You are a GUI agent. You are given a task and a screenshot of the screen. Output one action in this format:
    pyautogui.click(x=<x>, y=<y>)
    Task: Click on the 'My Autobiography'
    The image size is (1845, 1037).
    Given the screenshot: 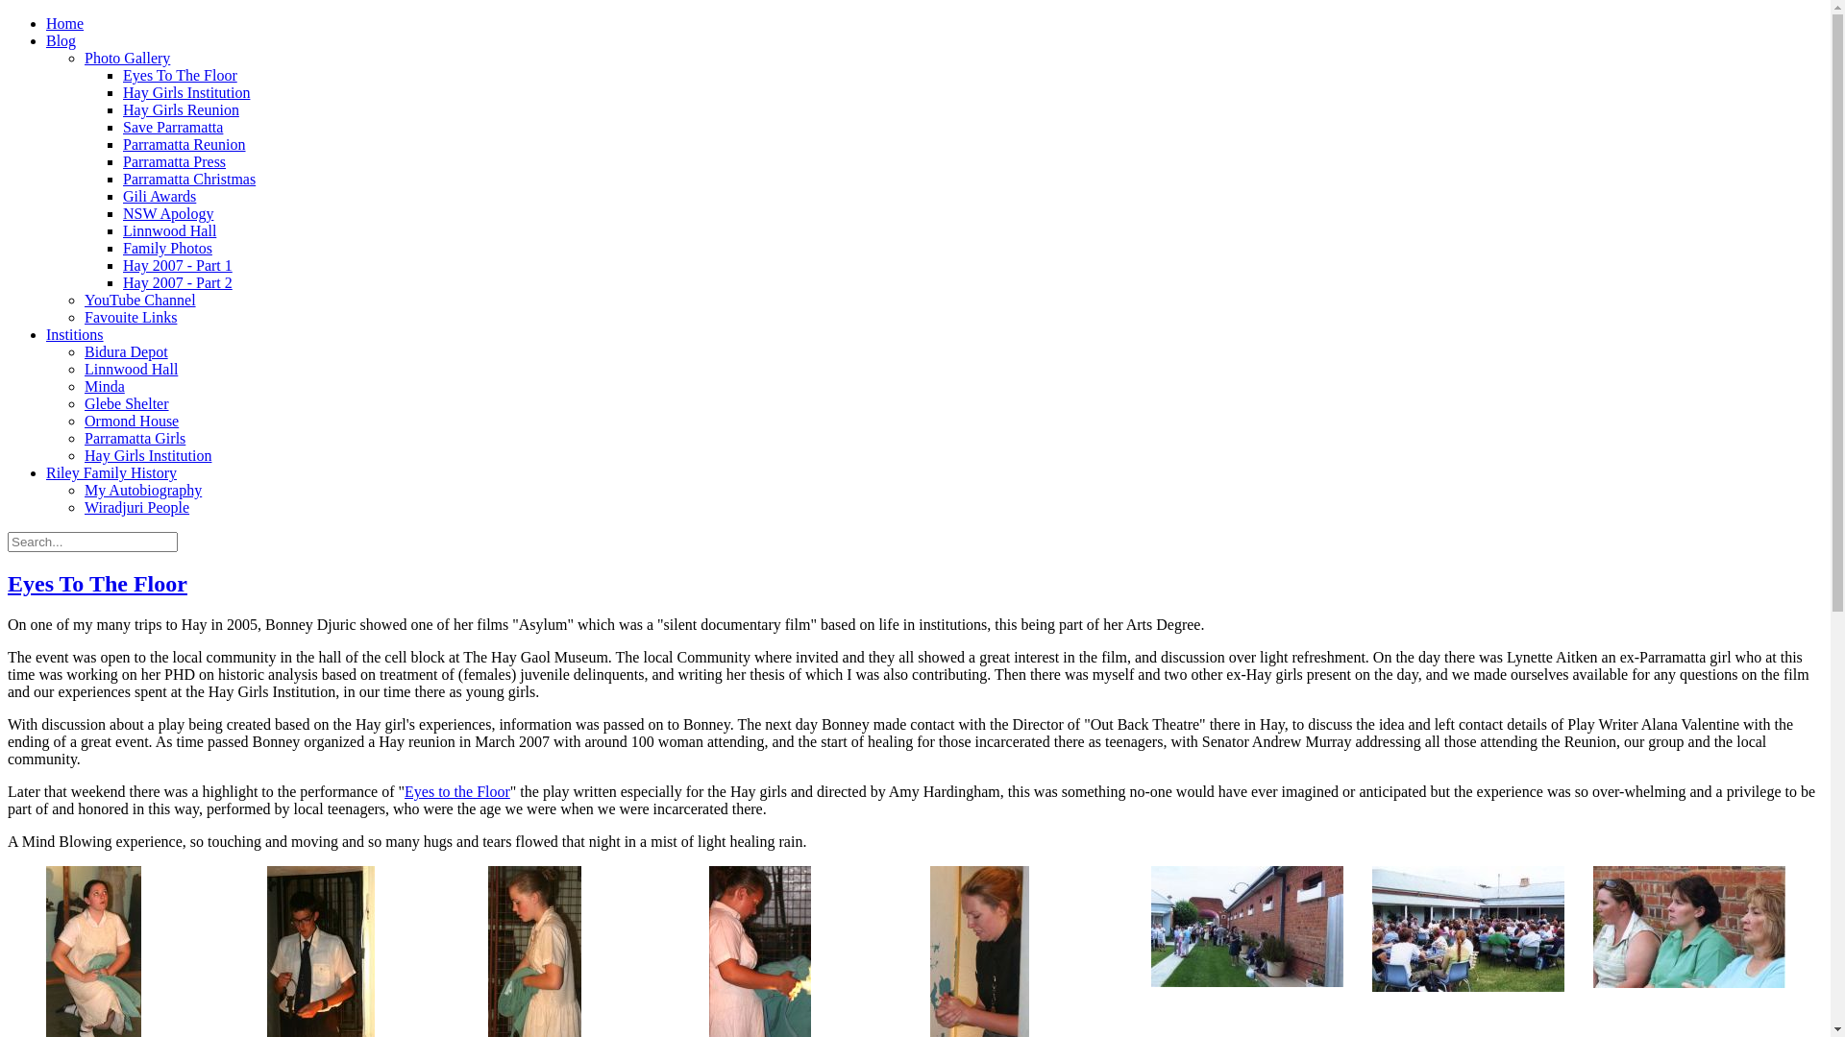 What is the action you would take?
    pyautogui.click(x=83, y=489)
    